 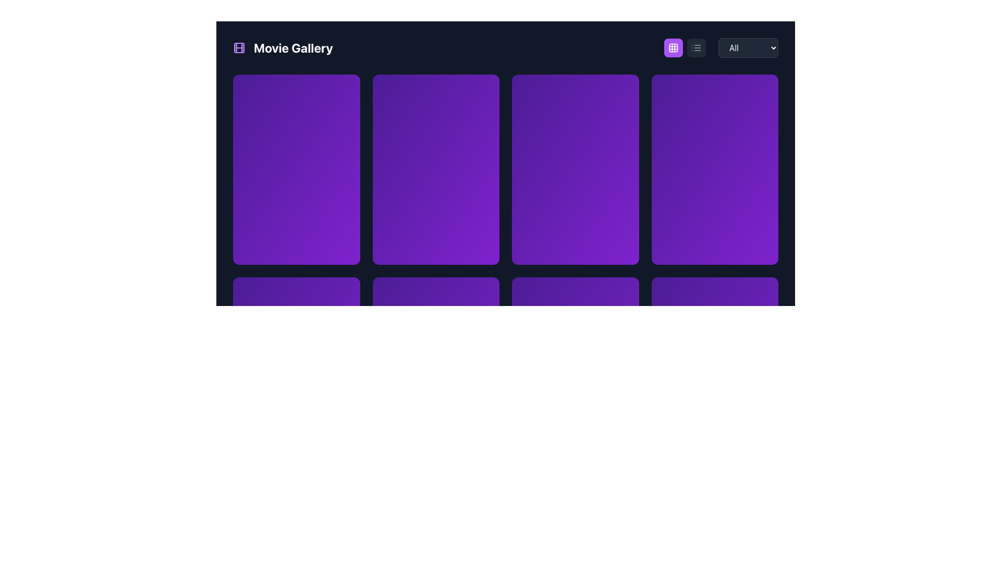 What do you see at coordinates (239, 48) in the screenshot?
I see `the graphic representation of the small, purple-colored SVG filmstrip icon located to the left of the 'Movie Gallery' text` at bounding box center [239, 48].